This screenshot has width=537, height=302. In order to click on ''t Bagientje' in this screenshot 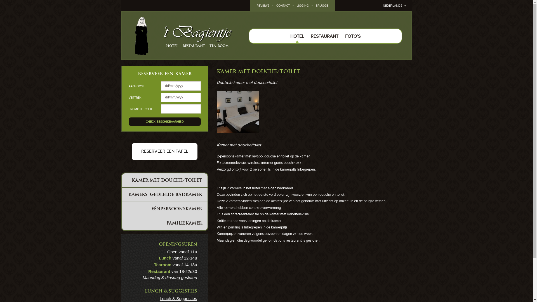, I will do `click(162, 32)`.